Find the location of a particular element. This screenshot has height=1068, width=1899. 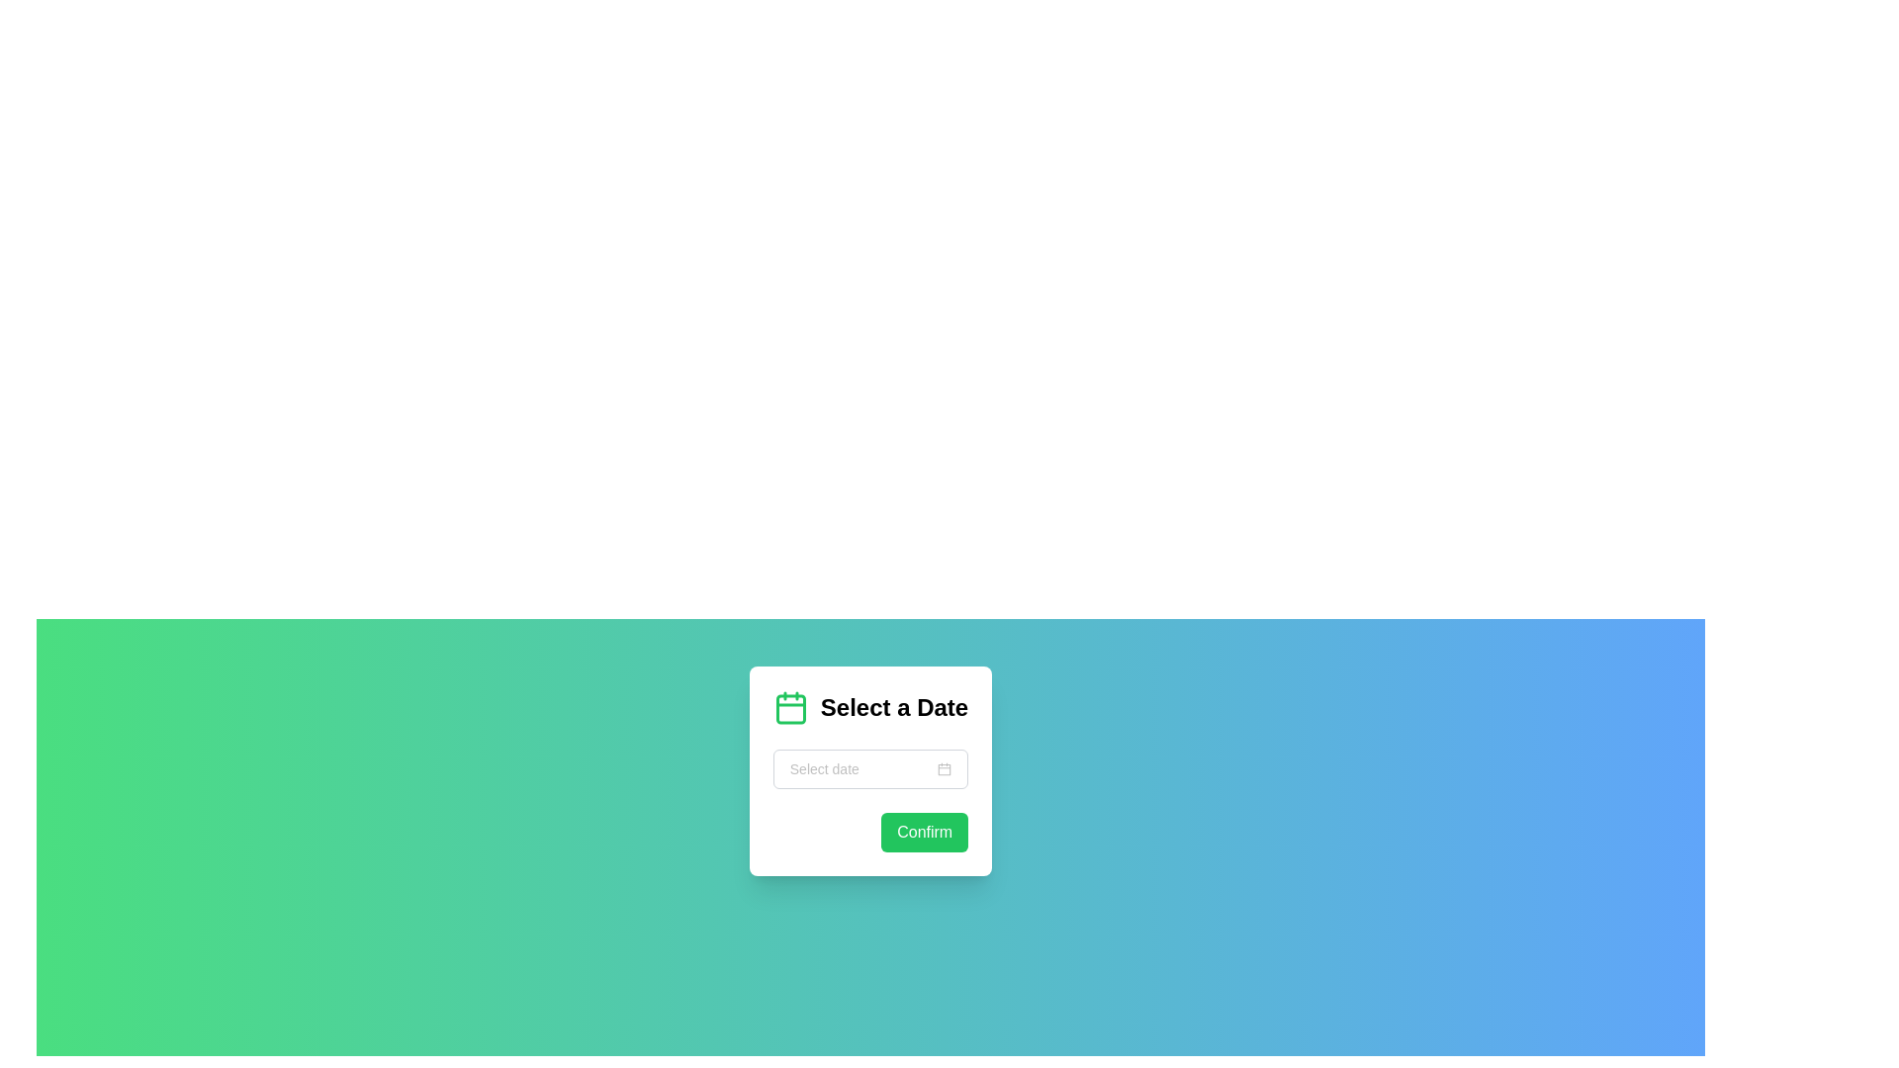

the green rounded rectangle located centrally within the calendar icon, which is the third component in the SVG representation is located at coordinates (789, 708).